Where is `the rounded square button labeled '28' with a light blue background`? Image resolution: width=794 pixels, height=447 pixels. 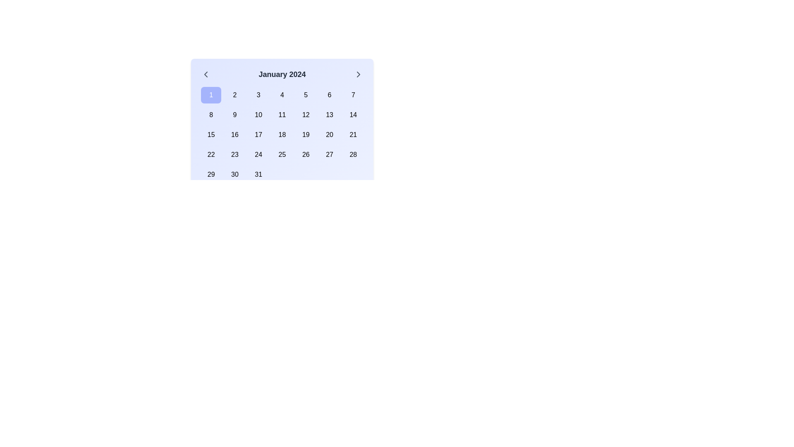 the rounded square button labeled '28' with a light blue background is located at coordinates (353, 155).